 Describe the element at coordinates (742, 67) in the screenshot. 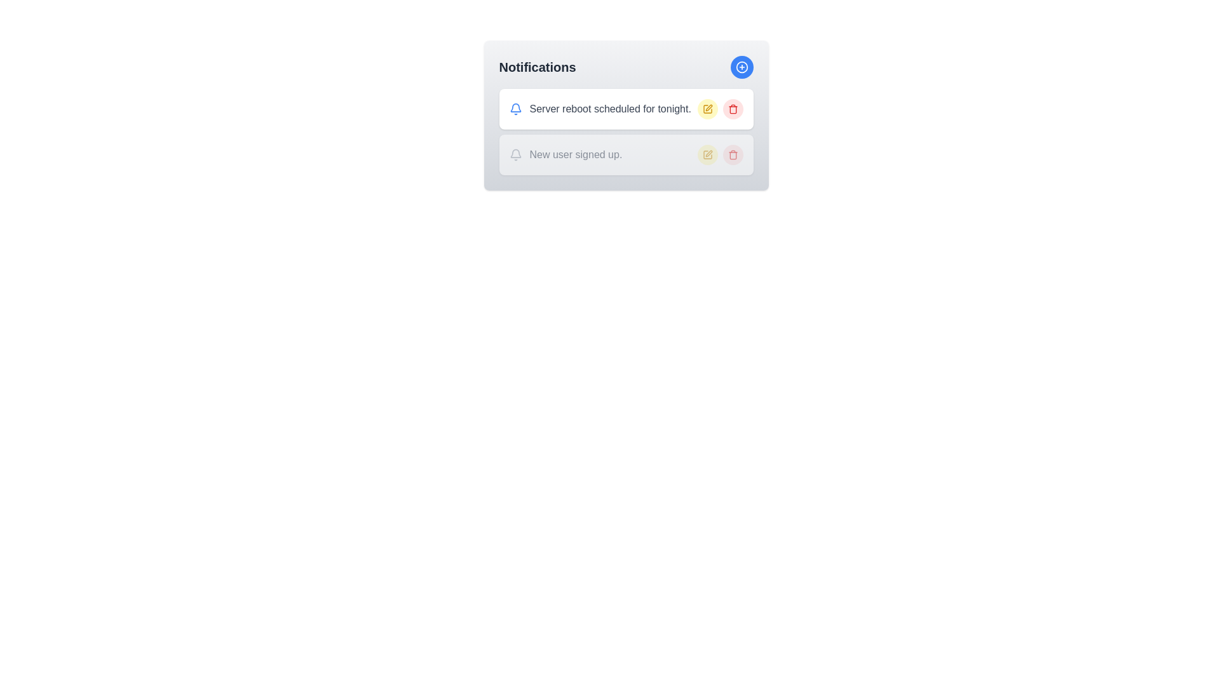

I see `the circular blue button at the top-right corner of the notification panel` at that location.